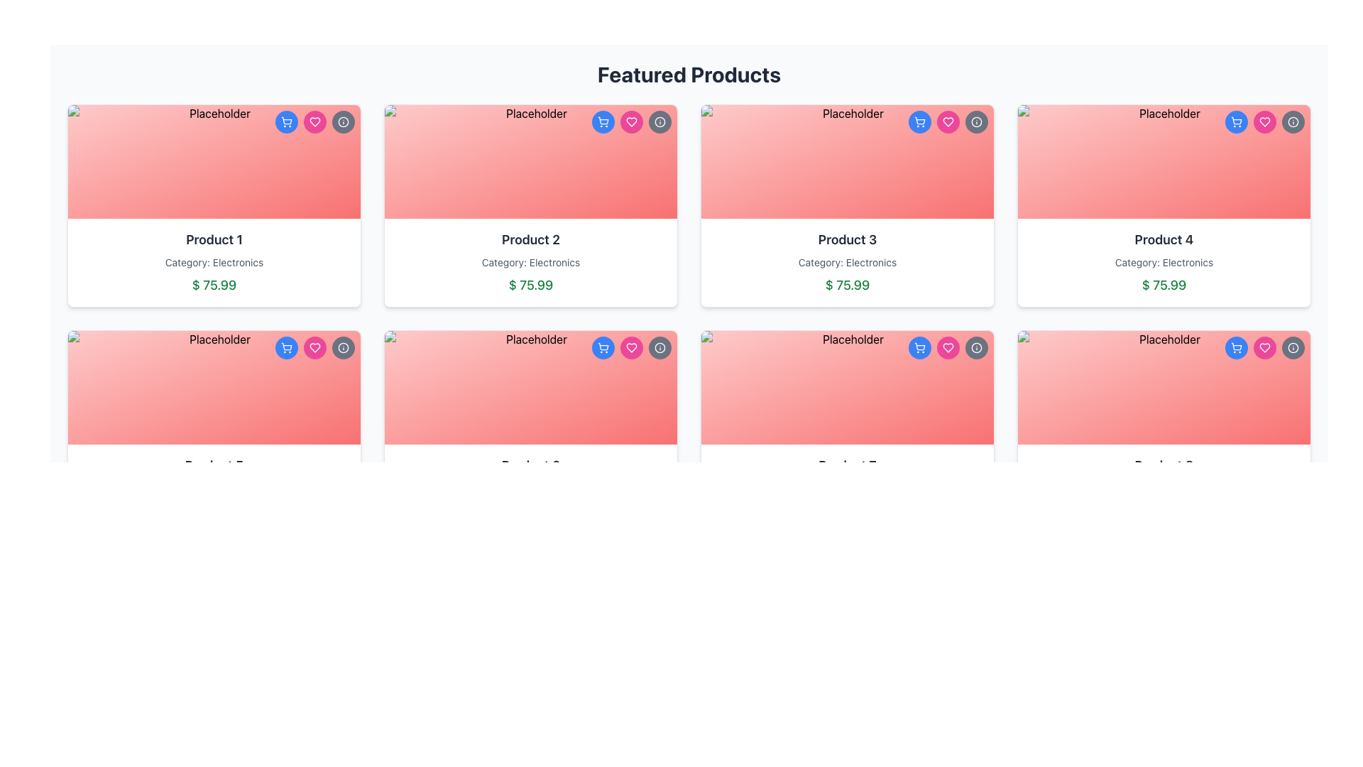  I want to click on the Static Text Label displaying 'Product 2' in bold, located in the second card of the grid layout, above 'Category: Electronics' and '$ 75.99', so click(530, 239).